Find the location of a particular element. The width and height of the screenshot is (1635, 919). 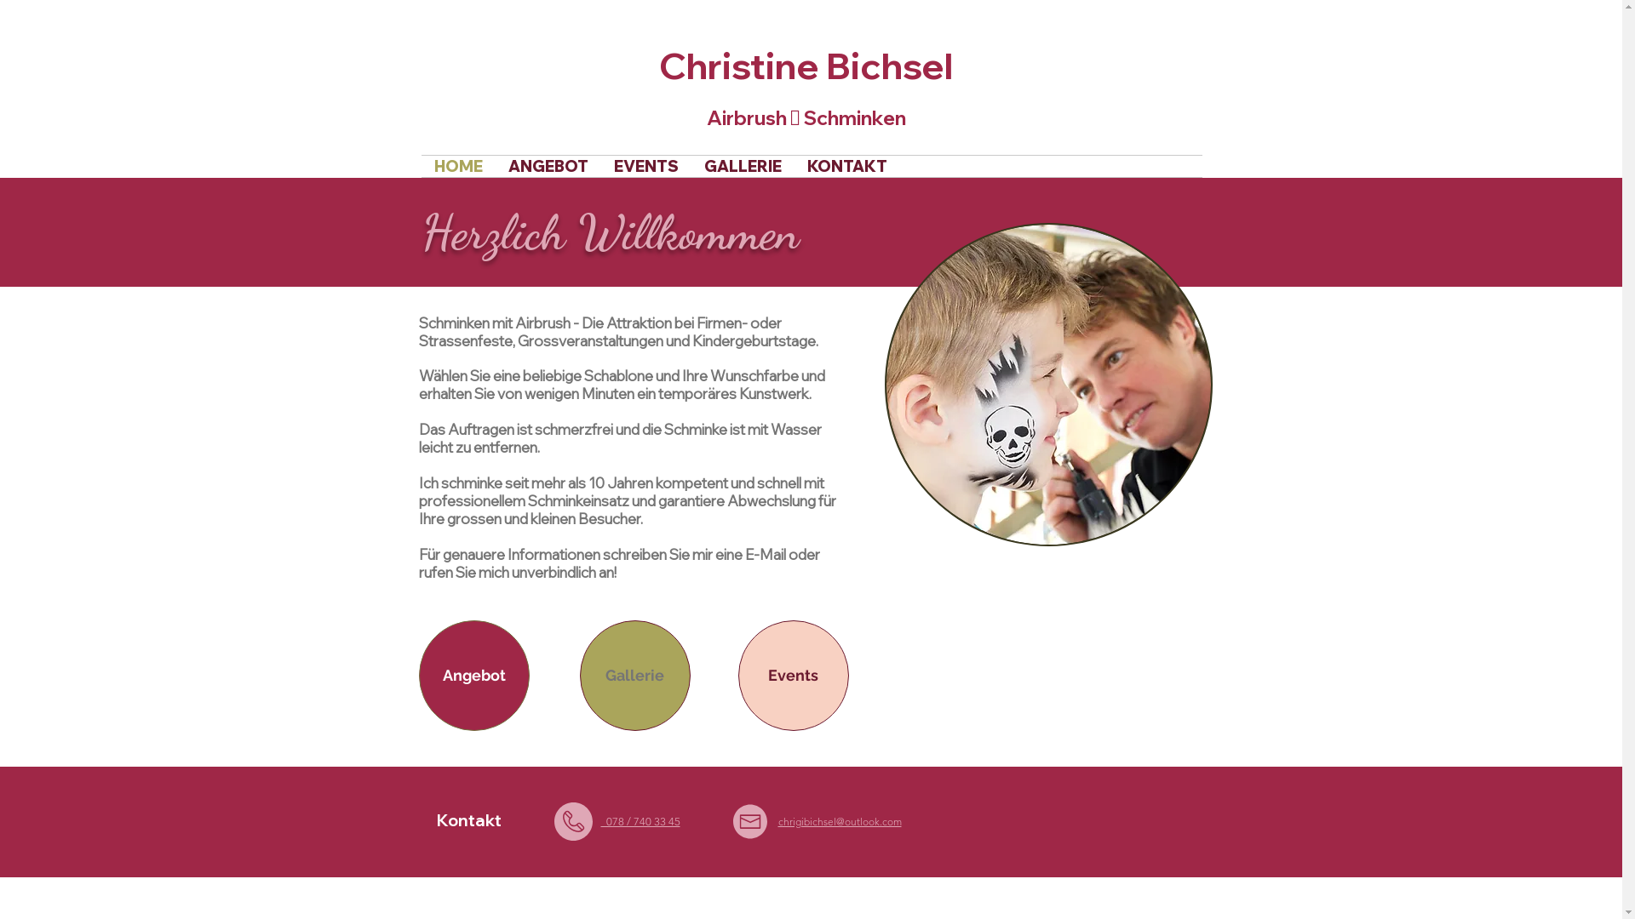

'EVENTS' is located at coordinates (645, 166).